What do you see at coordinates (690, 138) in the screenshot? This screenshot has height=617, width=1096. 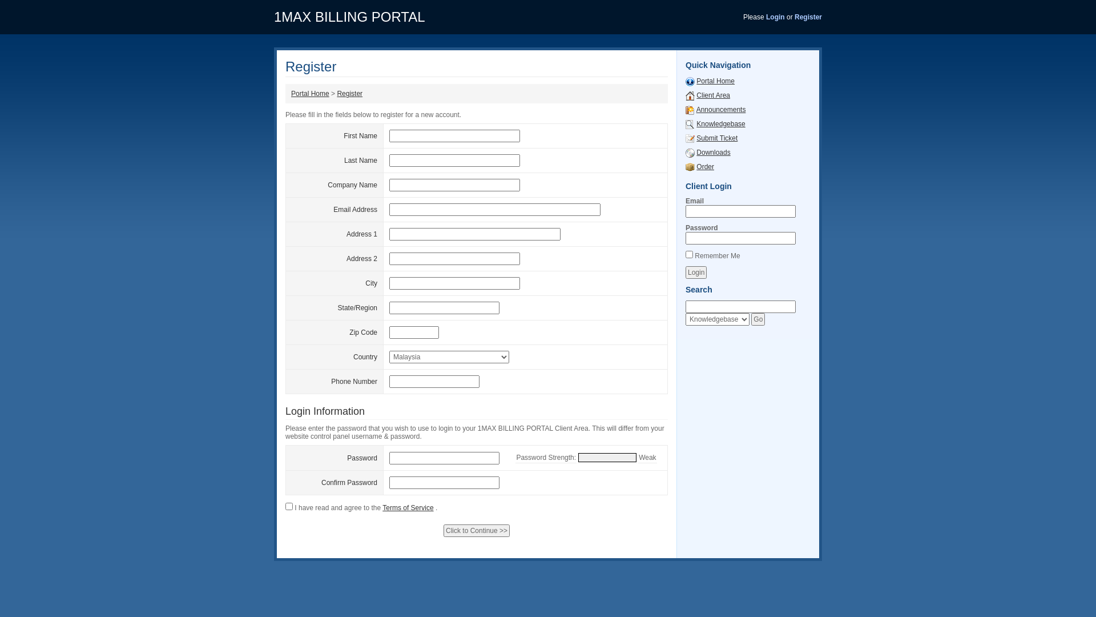 I see `'Submit Ticket'` at bounding box center [690, 138].